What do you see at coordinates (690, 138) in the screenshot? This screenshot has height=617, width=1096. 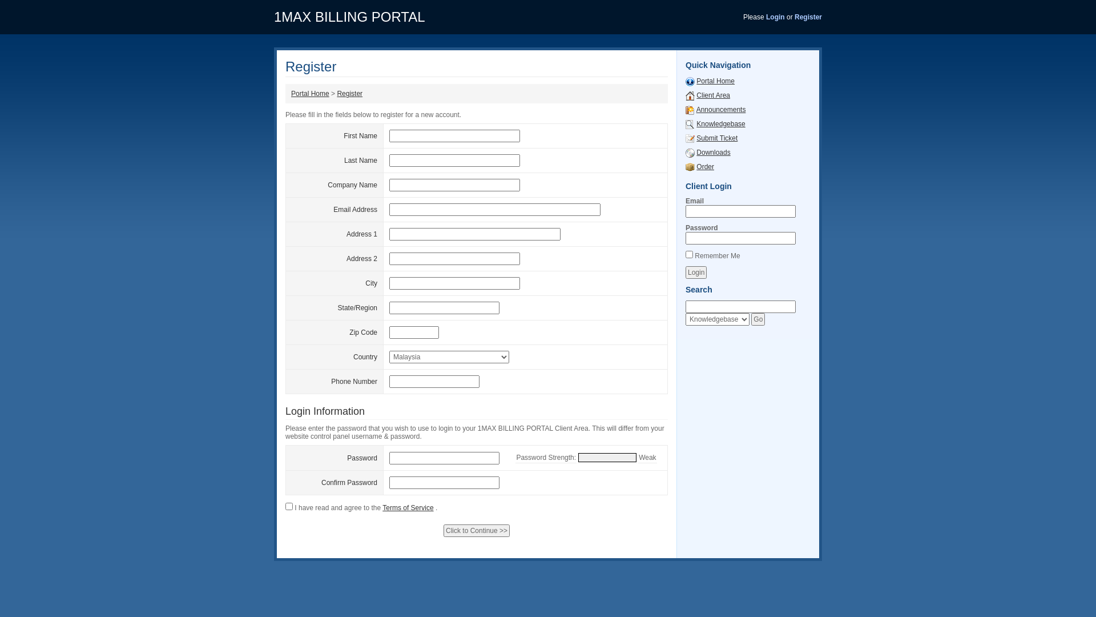 I see `'Submit Ticket'` at bounding box center [690, 138].